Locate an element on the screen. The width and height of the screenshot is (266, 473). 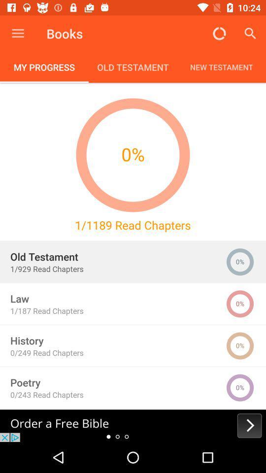
free bible advertisement is located at coordinates (133, 425).